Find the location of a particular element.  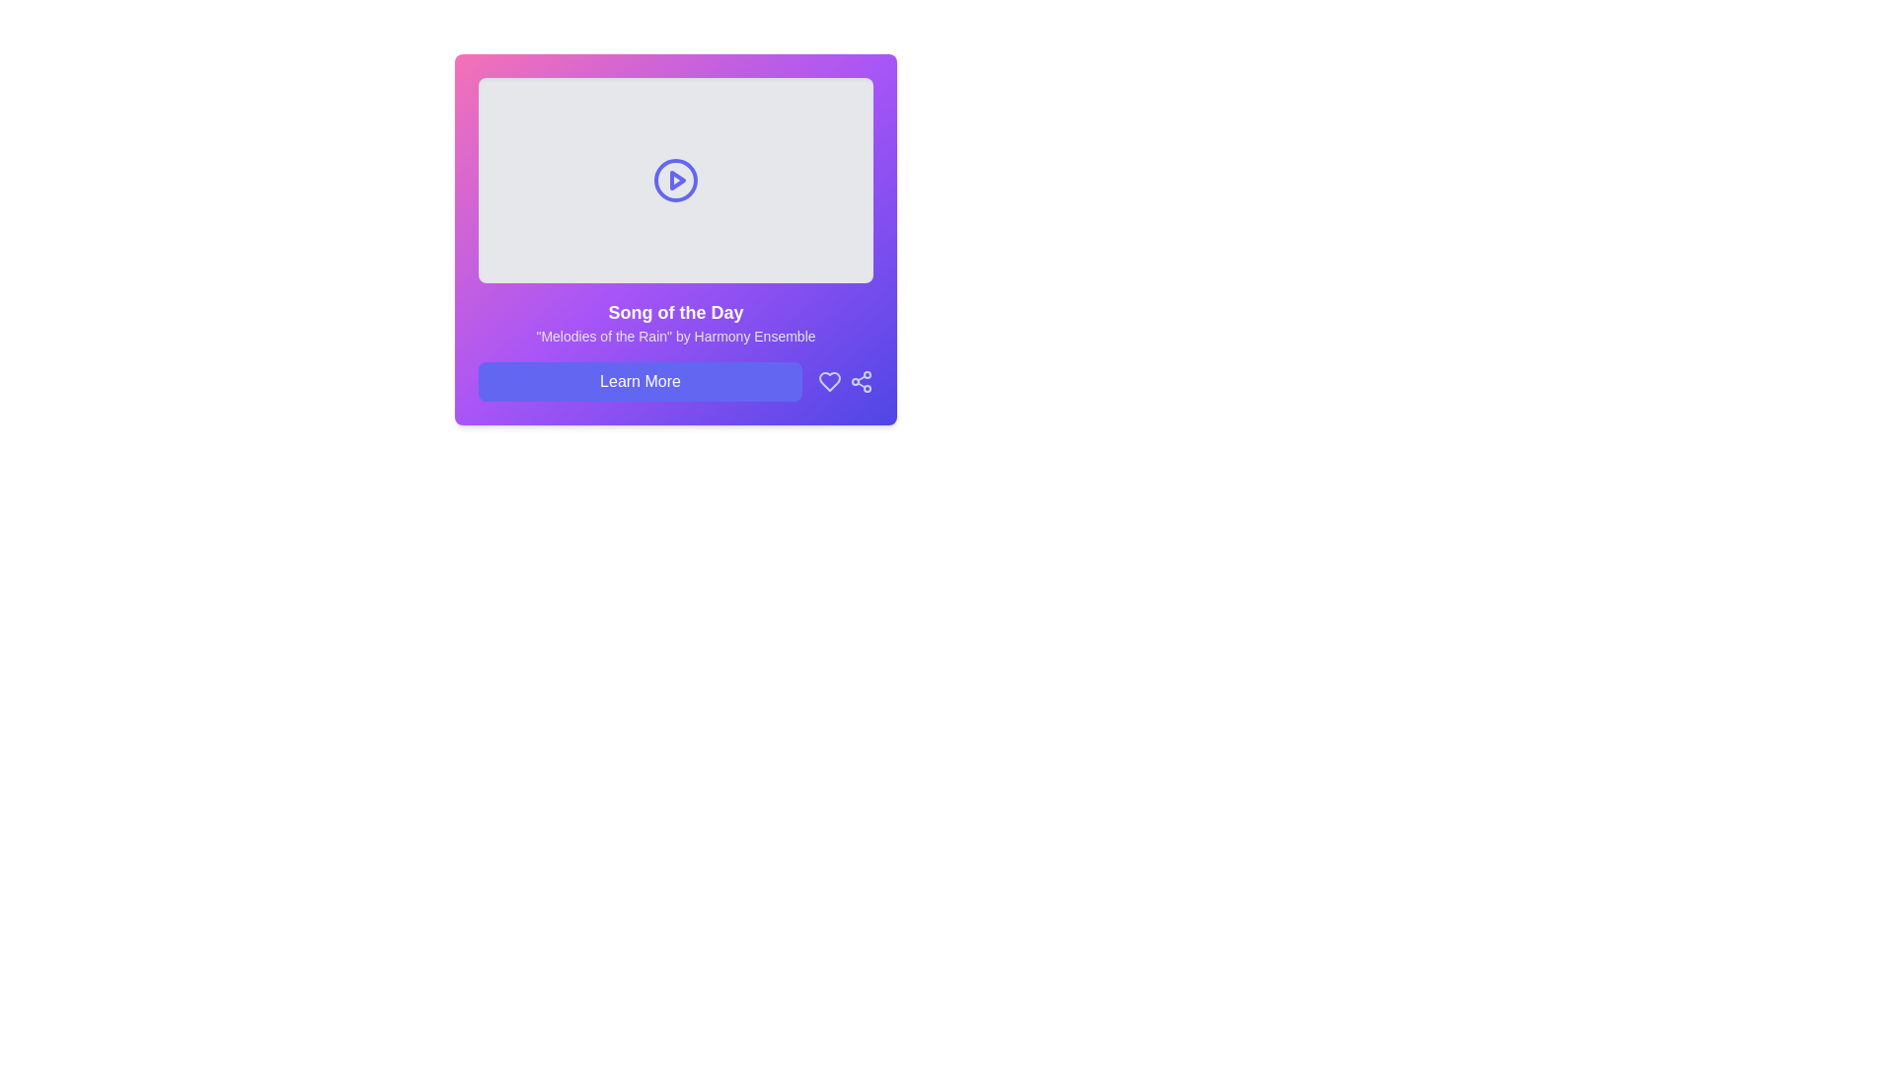

text content of the Text Display Element that shows 'Song of the Day' and '"Melodies of the Rain" by Harmony Ensemble', prominently displayed with a gradient background is located at coordinates (676, 322).